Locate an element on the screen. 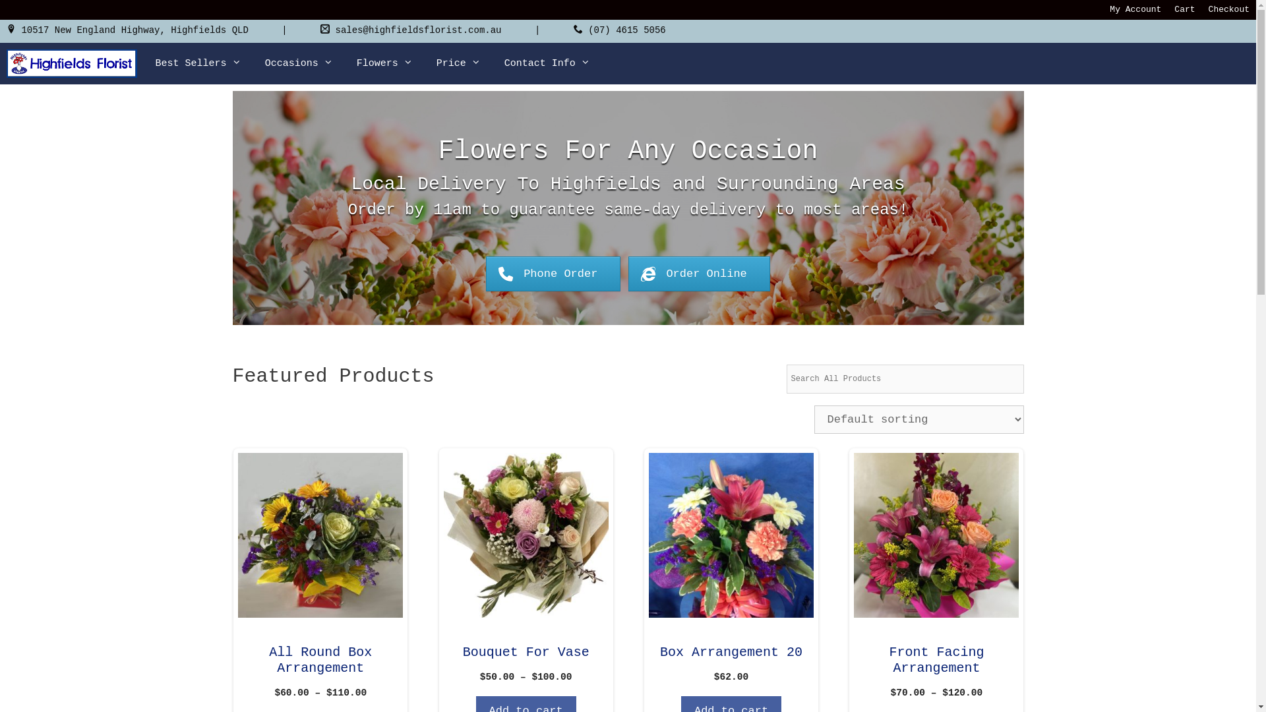 The image size is (1266, 712). 'View your shopping cart' is located at coordinates (1224, 63).